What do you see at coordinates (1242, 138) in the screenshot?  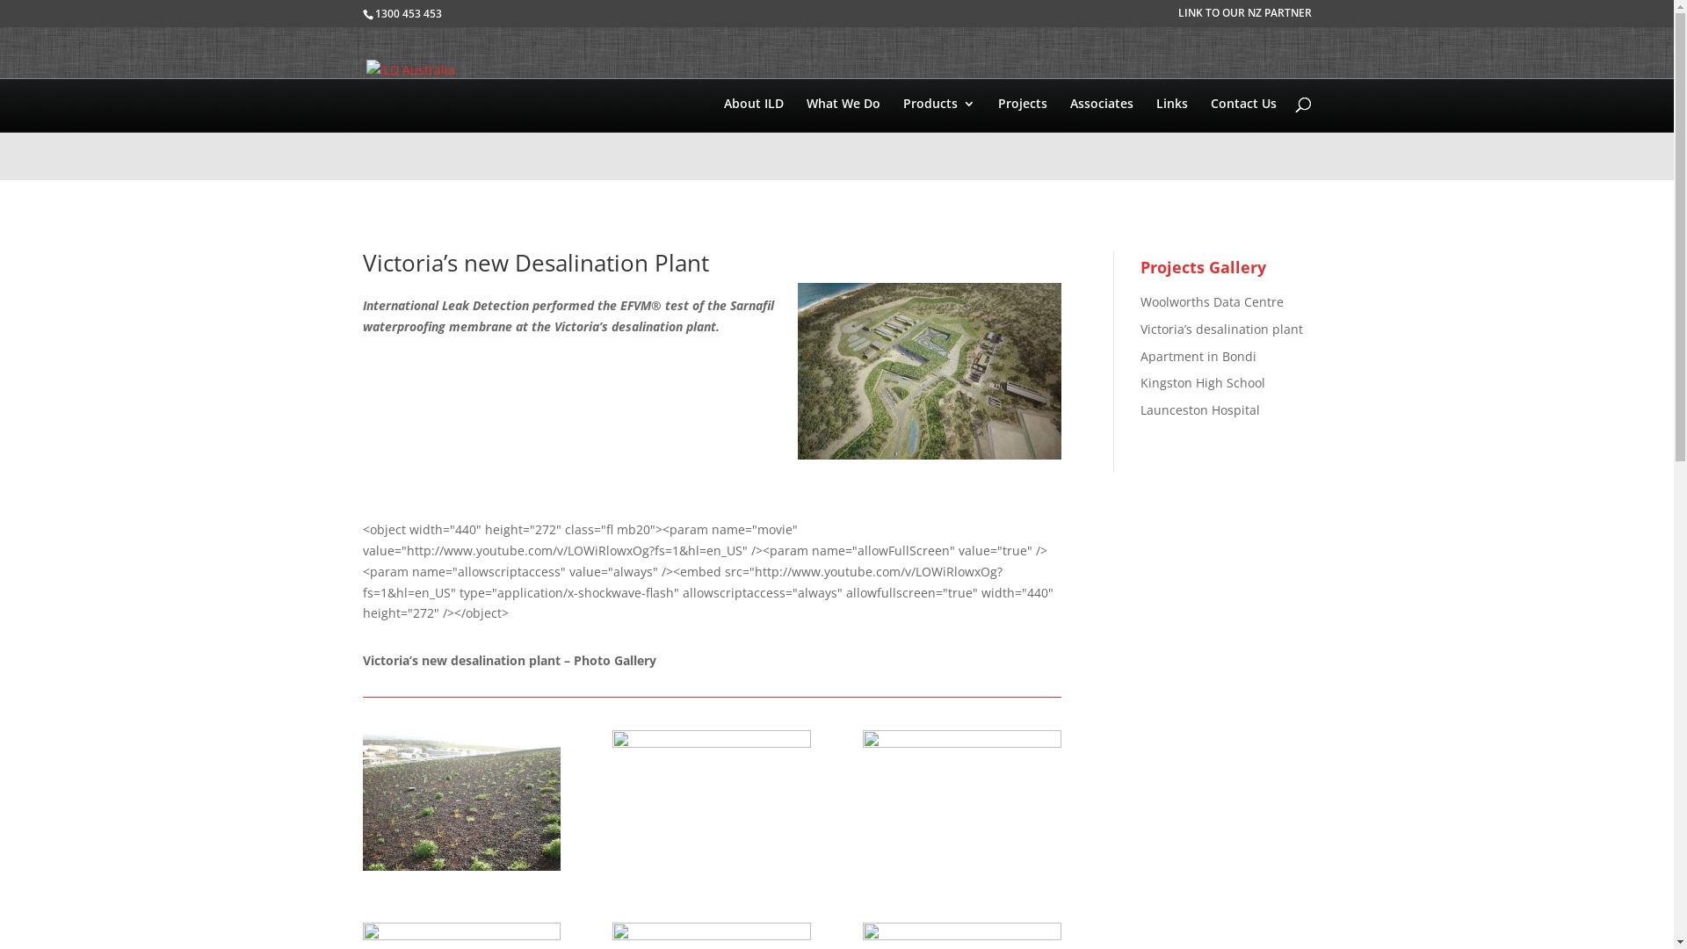 I see `'Contact Us'` at bounding box center [1242, 138].